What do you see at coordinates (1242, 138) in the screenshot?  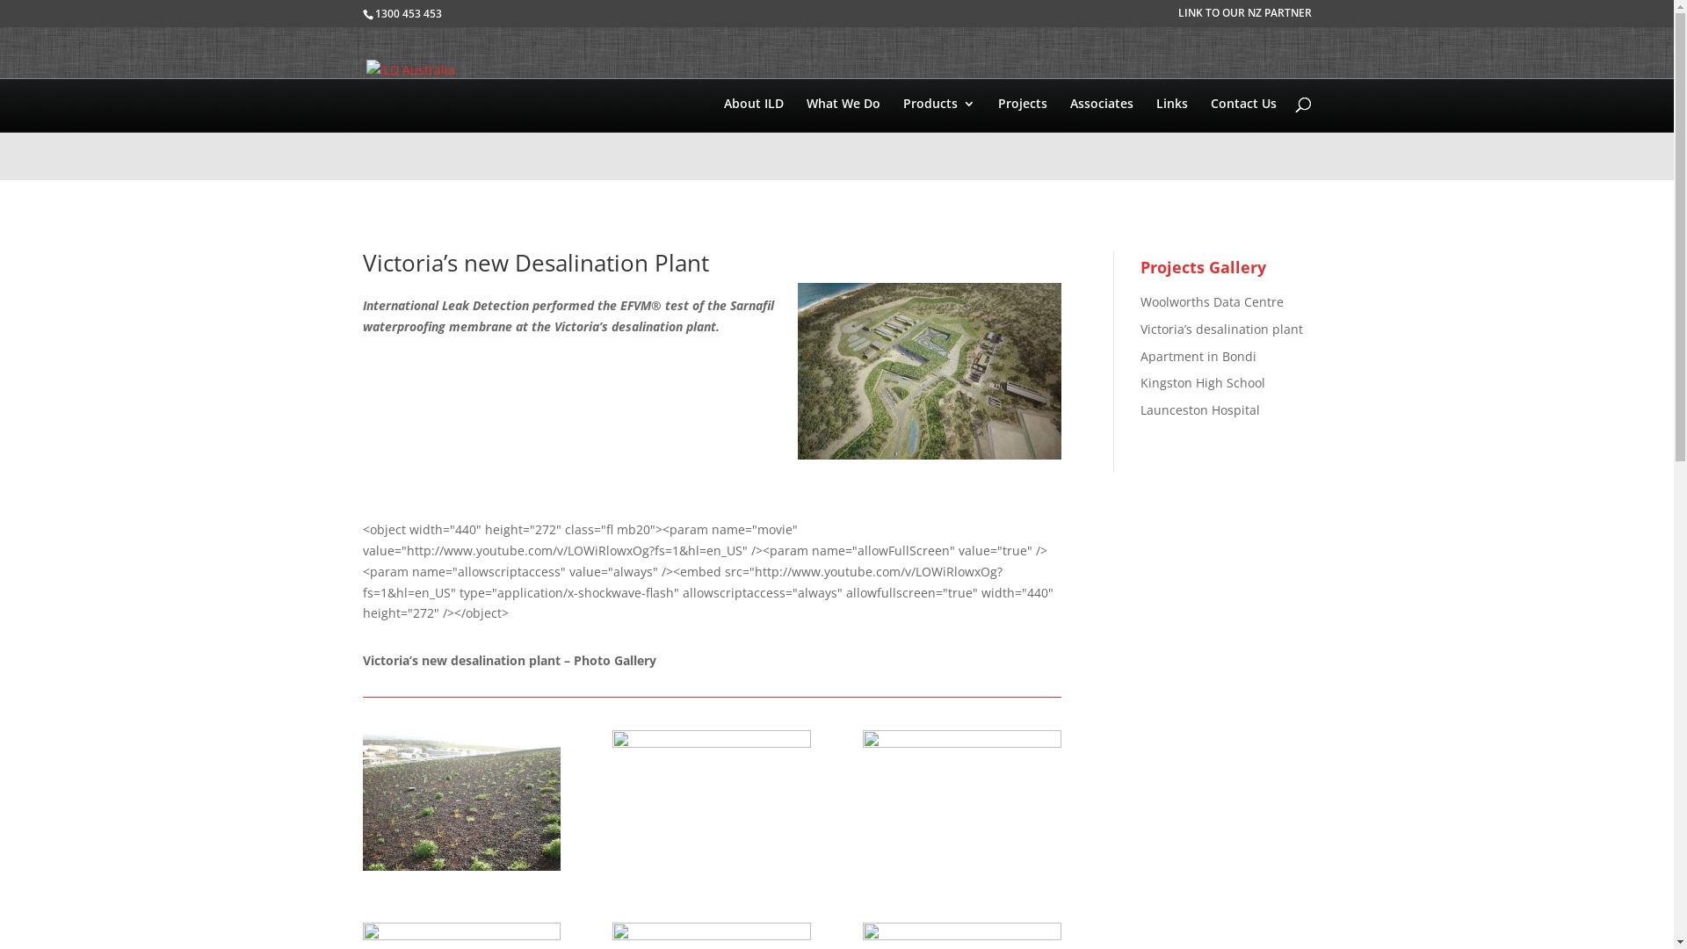 I see `'Contact Us'` at bounding box center [1242, 138].